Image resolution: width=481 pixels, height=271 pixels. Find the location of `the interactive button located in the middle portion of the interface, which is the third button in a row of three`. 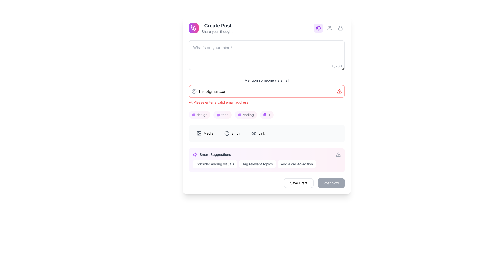

the interactive button located in the middle portion of the interface, which is the third button in a row of three is located at coordinates (258, 133).